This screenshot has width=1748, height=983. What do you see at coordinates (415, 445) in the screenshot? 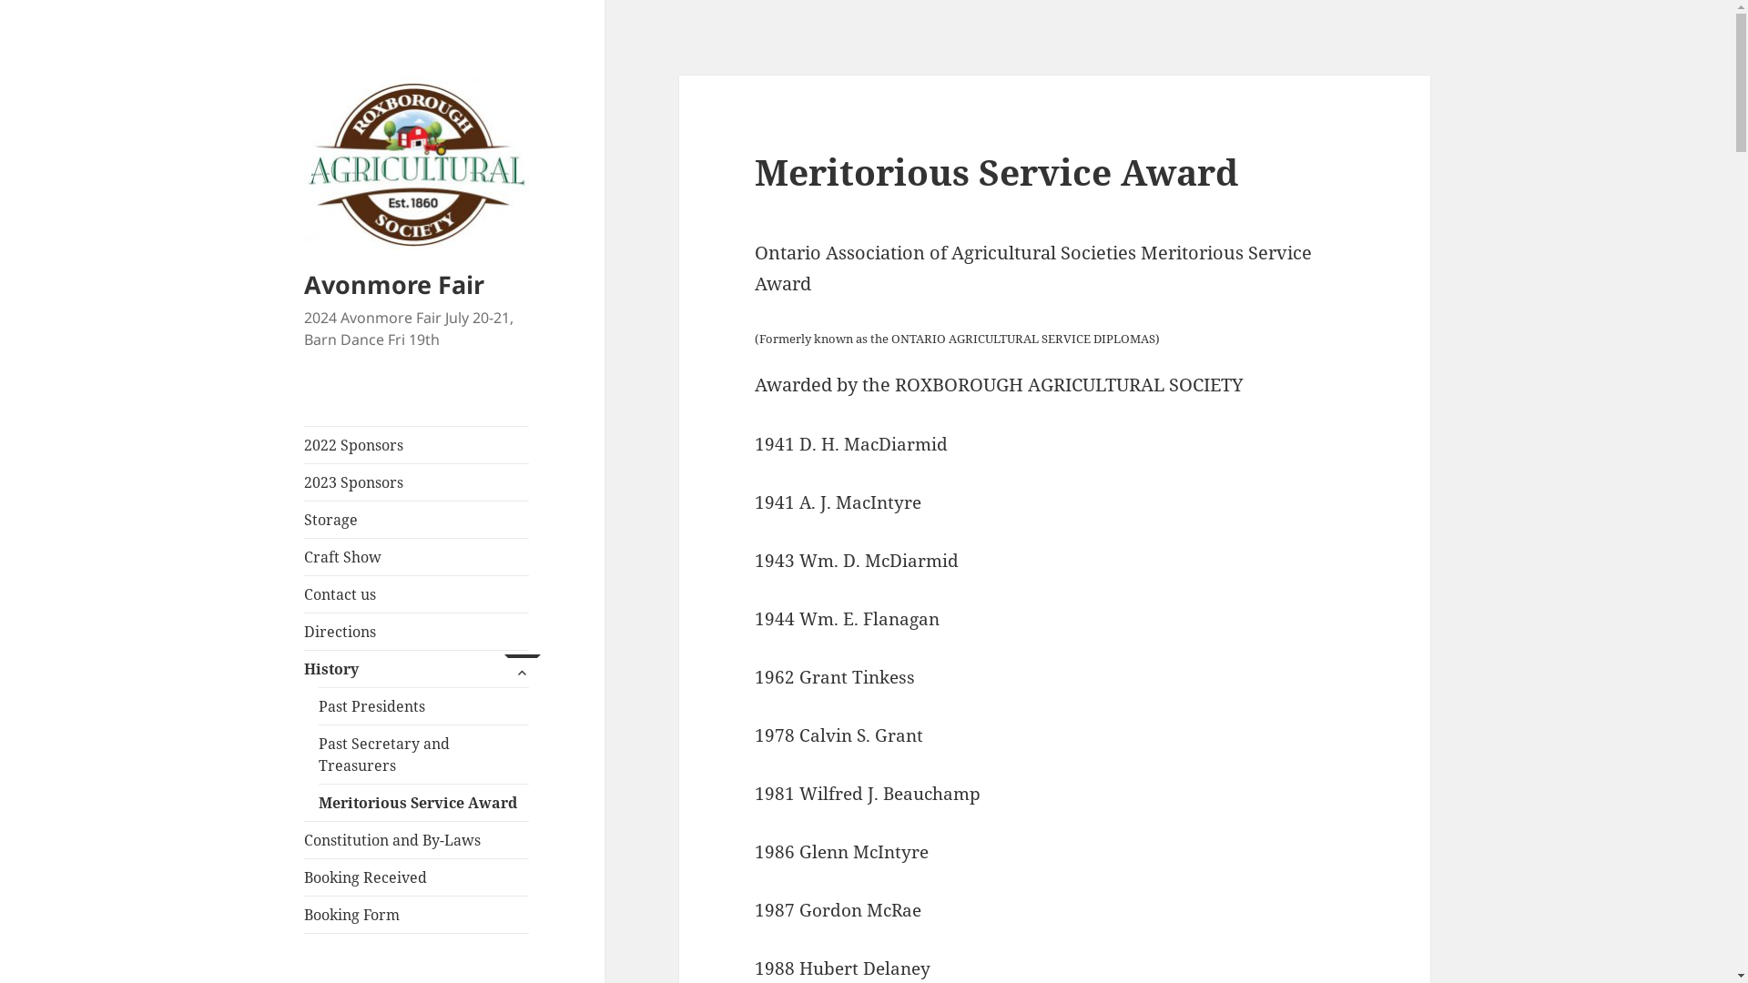
I see `'2022 Sponsors'` at bounding box center [415, 445].